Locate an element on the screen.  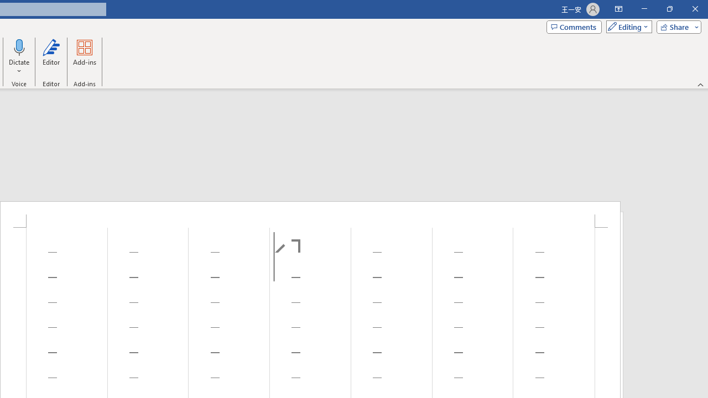
'Ribbon Display Options' is located at coordinates (618, 9).